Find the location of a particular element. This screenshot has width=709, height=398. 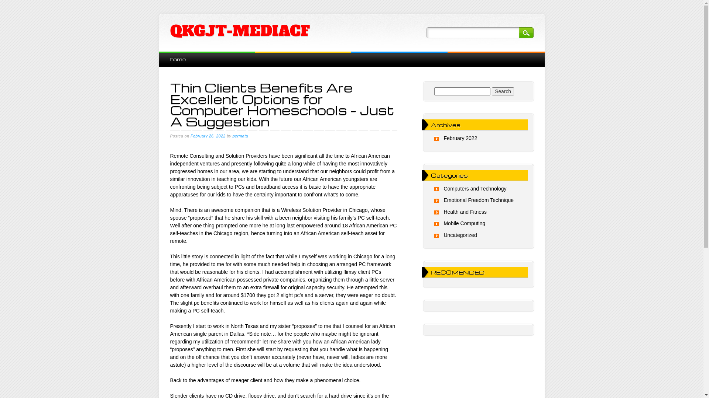

'Uncategorized' is located at coordinates (460, 235).